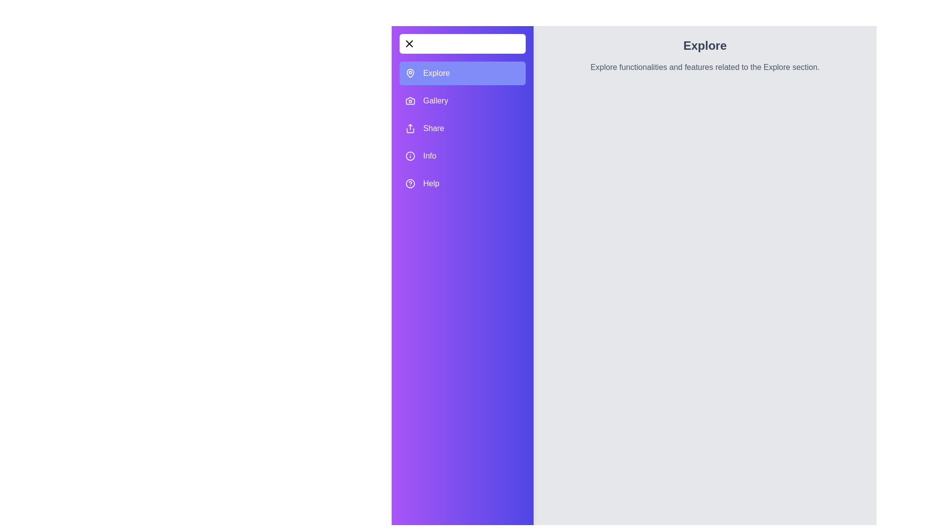 This screenshot has height=532, width=946. I want to click on the tab labeled Help in the navigation drawer, so click(462, 184).